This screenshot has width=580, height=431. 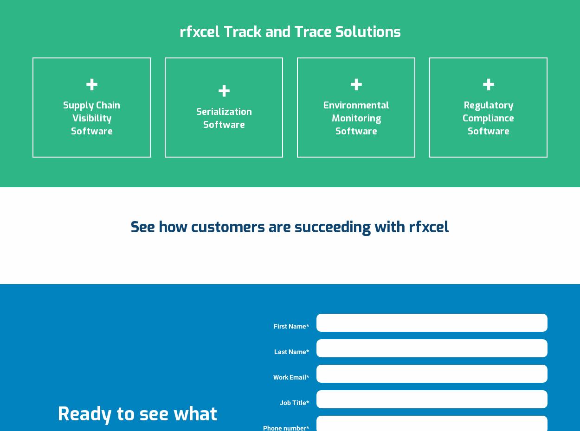 I want to click on 'Last Name', so click(x=274, y=351).